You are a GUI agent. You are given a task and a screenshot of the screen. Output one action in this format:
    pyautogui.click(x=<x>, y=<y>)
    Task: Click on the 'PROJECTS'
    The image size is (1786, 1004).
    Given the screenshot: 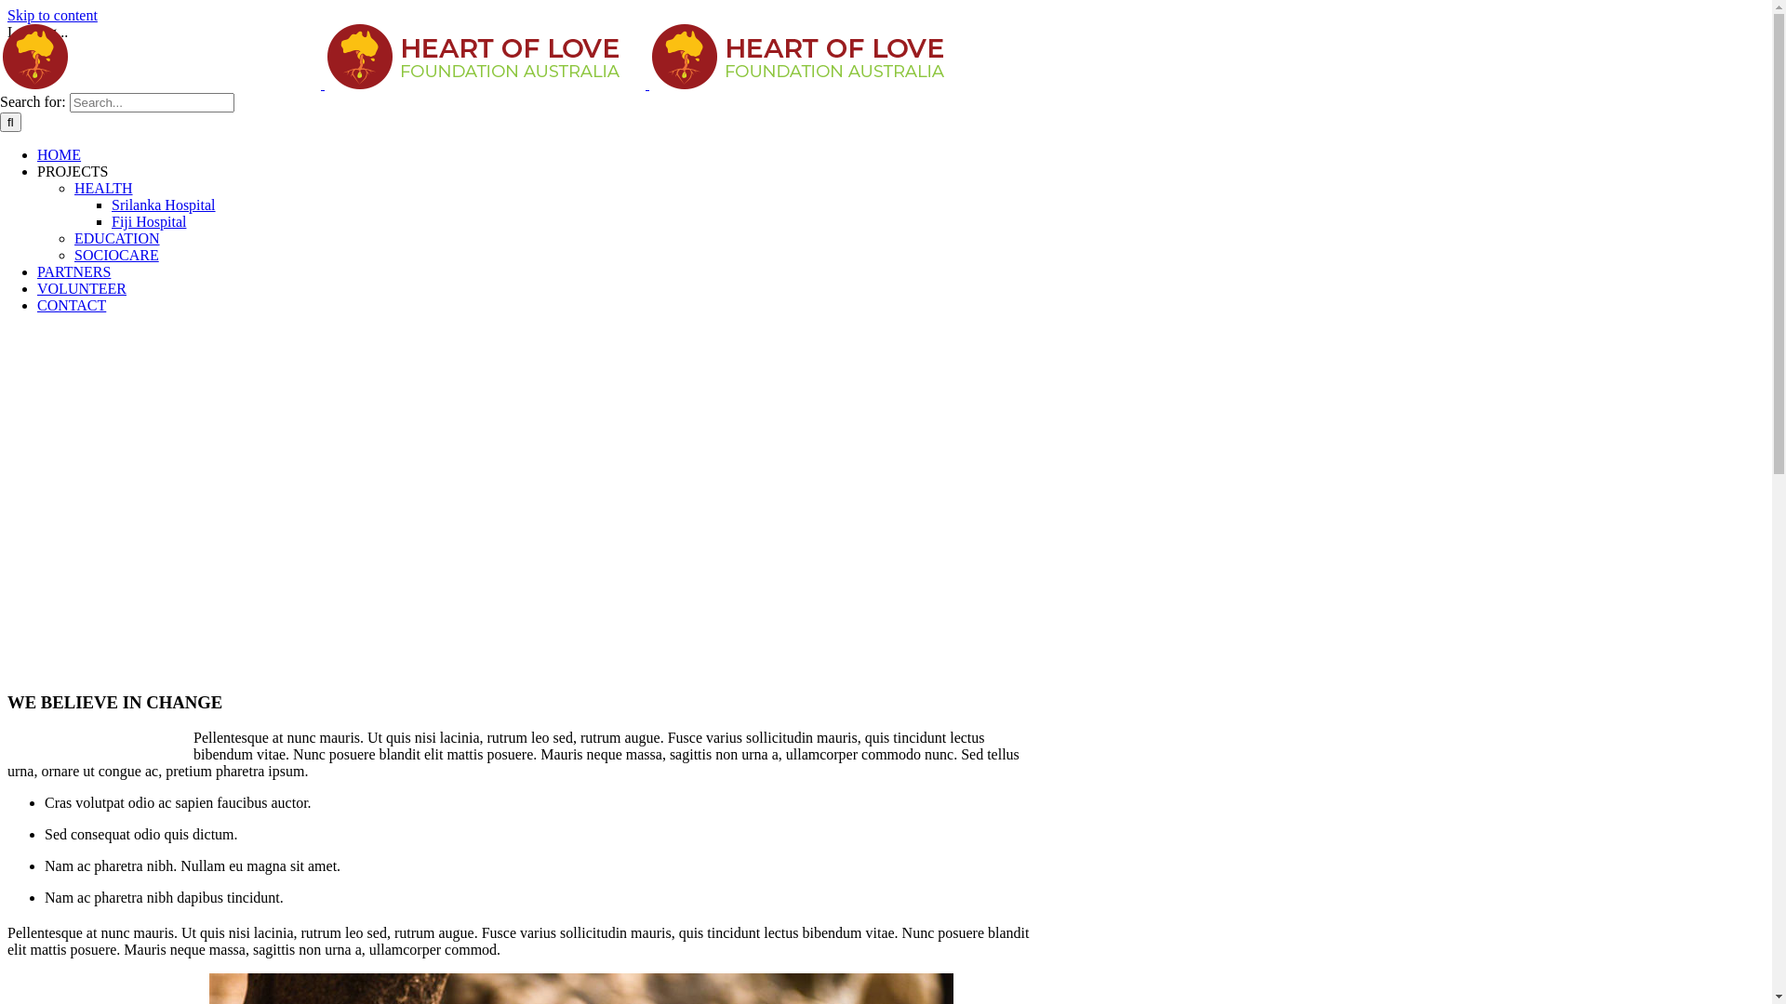 What is the action you would take?
    pyautogui.click(x=72, y=171)
    